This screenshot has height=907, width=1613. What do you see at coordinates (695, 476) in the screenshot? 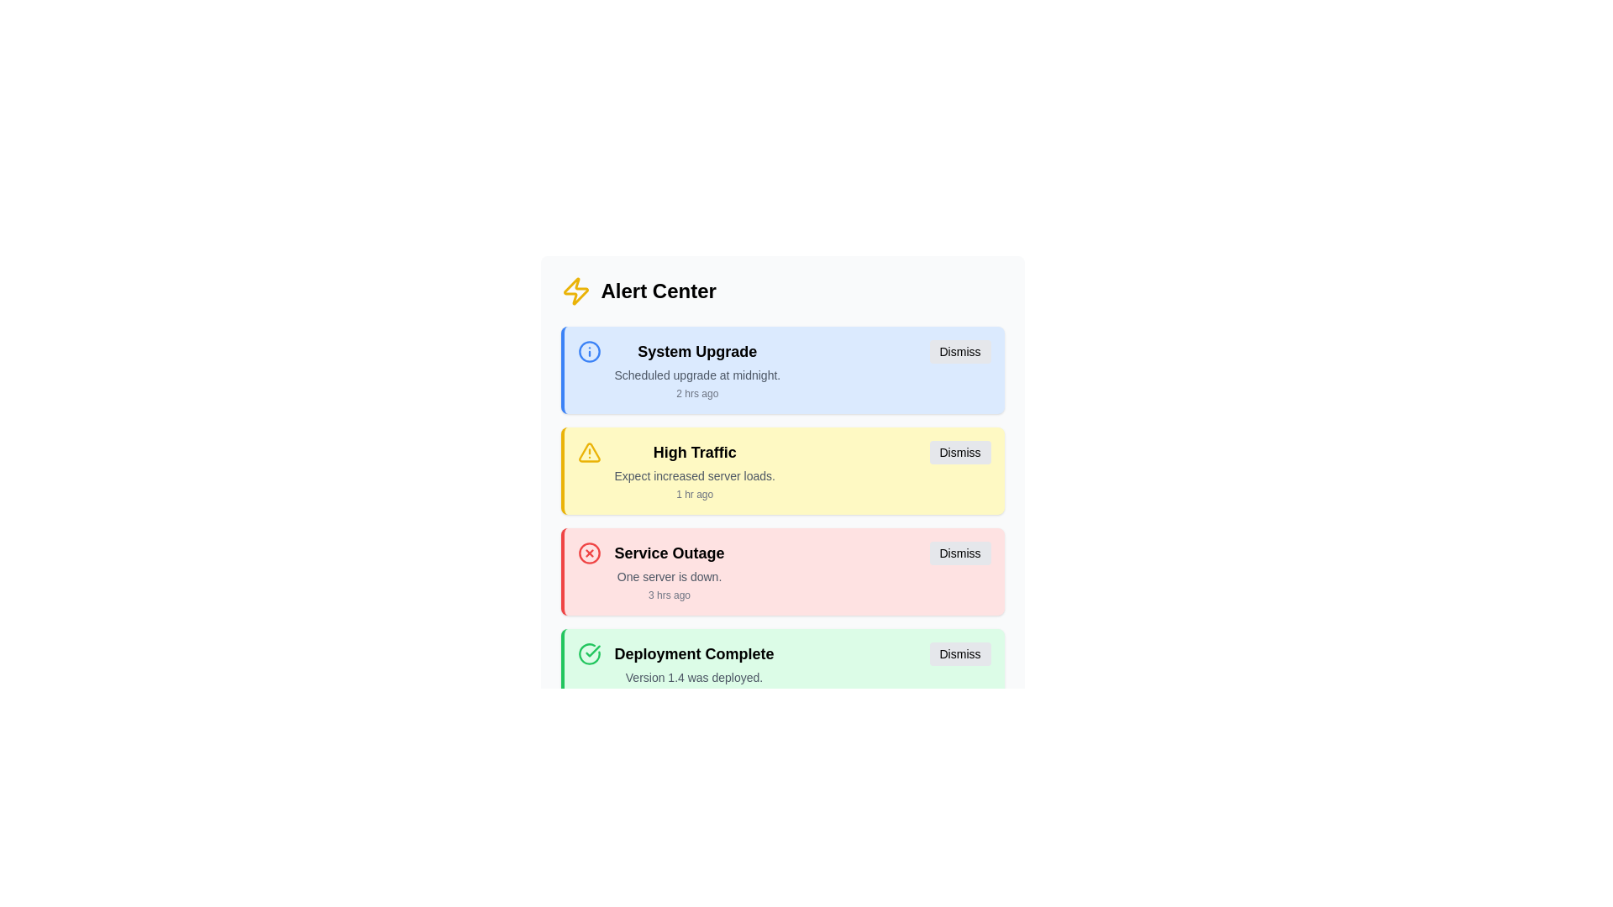
I see `the static text element providing additional descriptive information about the 'High Traffic' alert, located on the yellow background in the 'Alert Center', positioned below the header 'High Traffic'` at bounding box center [695, 476].